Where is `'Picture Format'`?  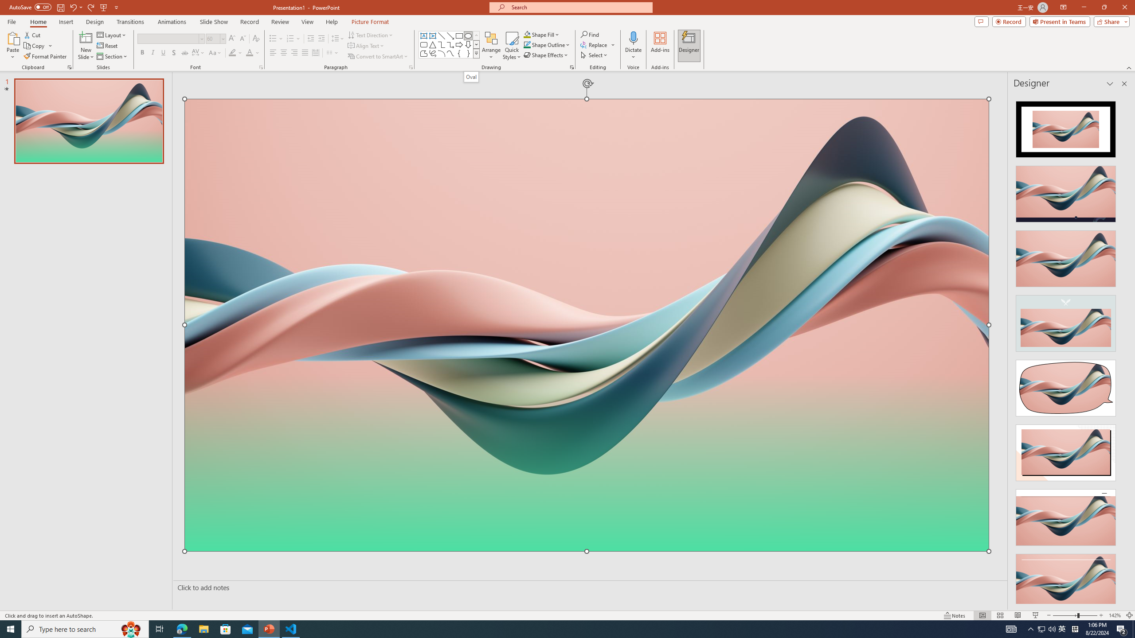
'Picture Format' is located at coordinates (370, 22).